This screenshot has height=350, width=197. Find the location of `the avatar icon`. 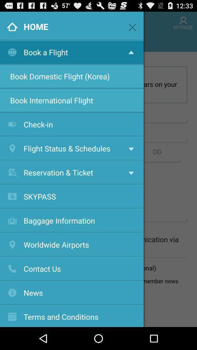

the avatar icon is located at coordinates (183, 23).